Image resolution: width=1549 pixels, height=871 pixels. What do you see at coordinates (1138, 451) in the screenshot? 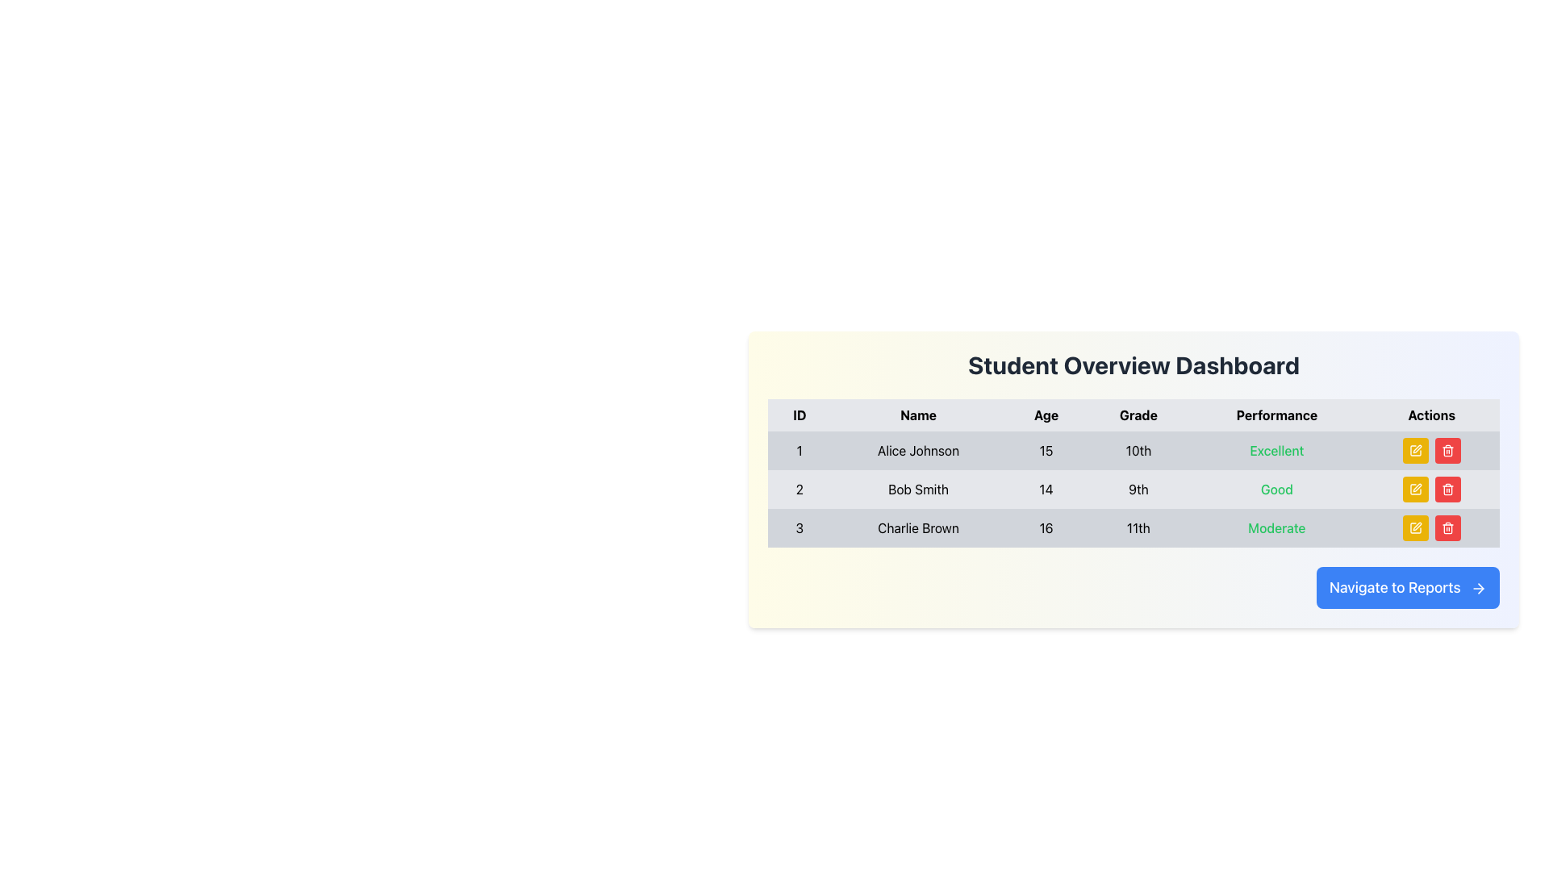
I see `the label displaying '10th' in black text, located in the second cell of the 'Grade' column for 'Alice Johnson' in the table` at bounding box center [1138, 451].